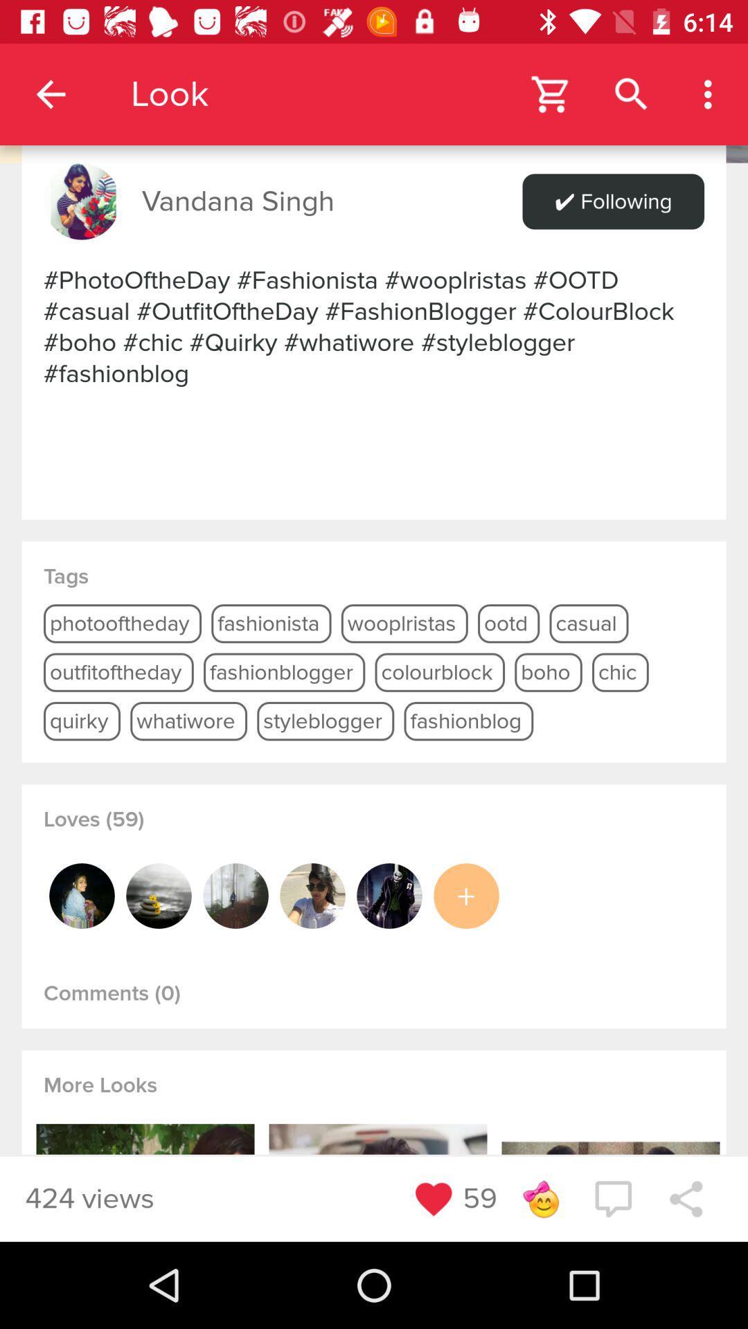 The height and width of the screenshot is (1329, 748). Describe the element at coordinates (158, 896) in the screenshot. I see `profile` at that location.